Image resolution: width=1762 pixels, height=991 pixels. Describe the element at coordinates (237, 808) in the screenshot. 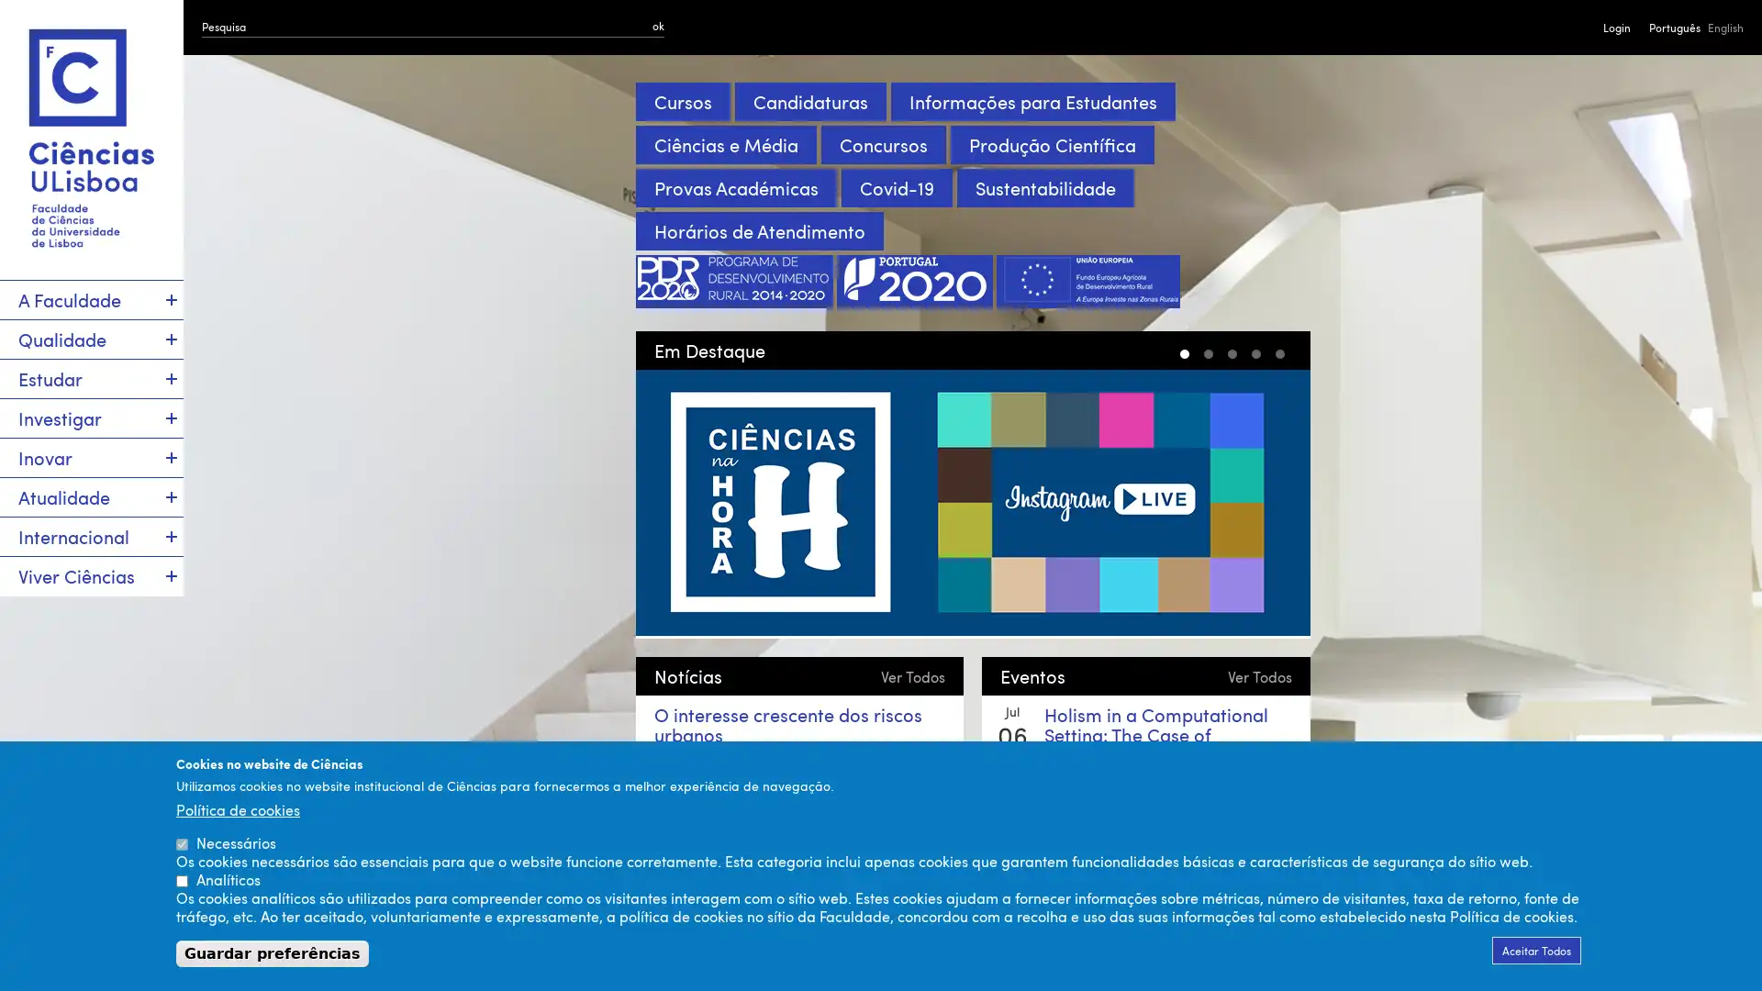

I see `Politica de cookies` at that location.